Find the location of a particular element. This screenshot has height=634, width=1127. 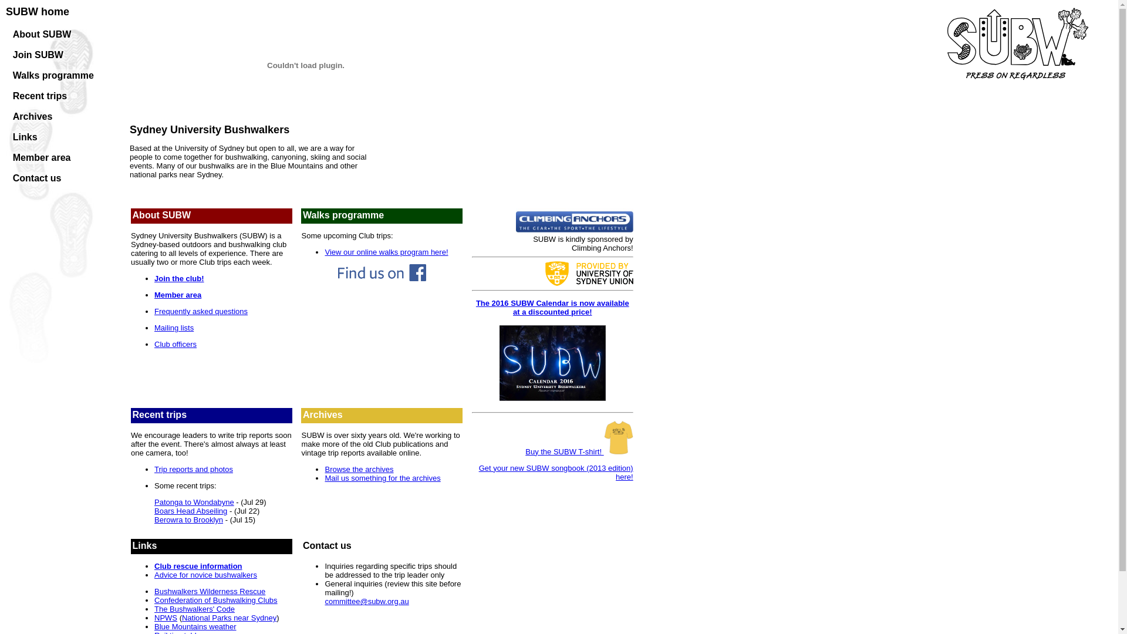

'National Parks near Sydney' is located at coordinates (181, 617).